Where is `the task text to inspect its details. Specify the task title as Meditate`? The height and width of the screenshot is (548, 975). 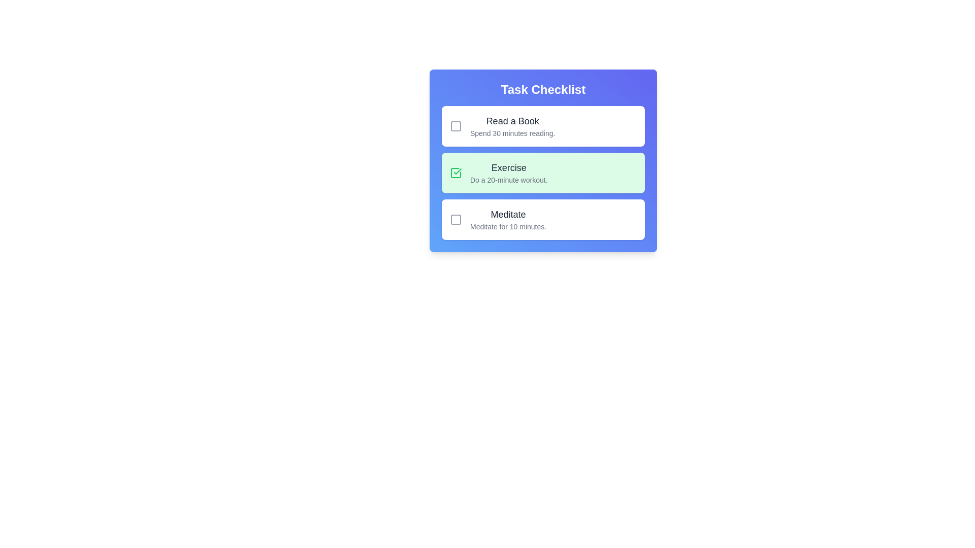 the task text to inspect its details. Specify the task title as Meditate is located at coordinates (508, 214).